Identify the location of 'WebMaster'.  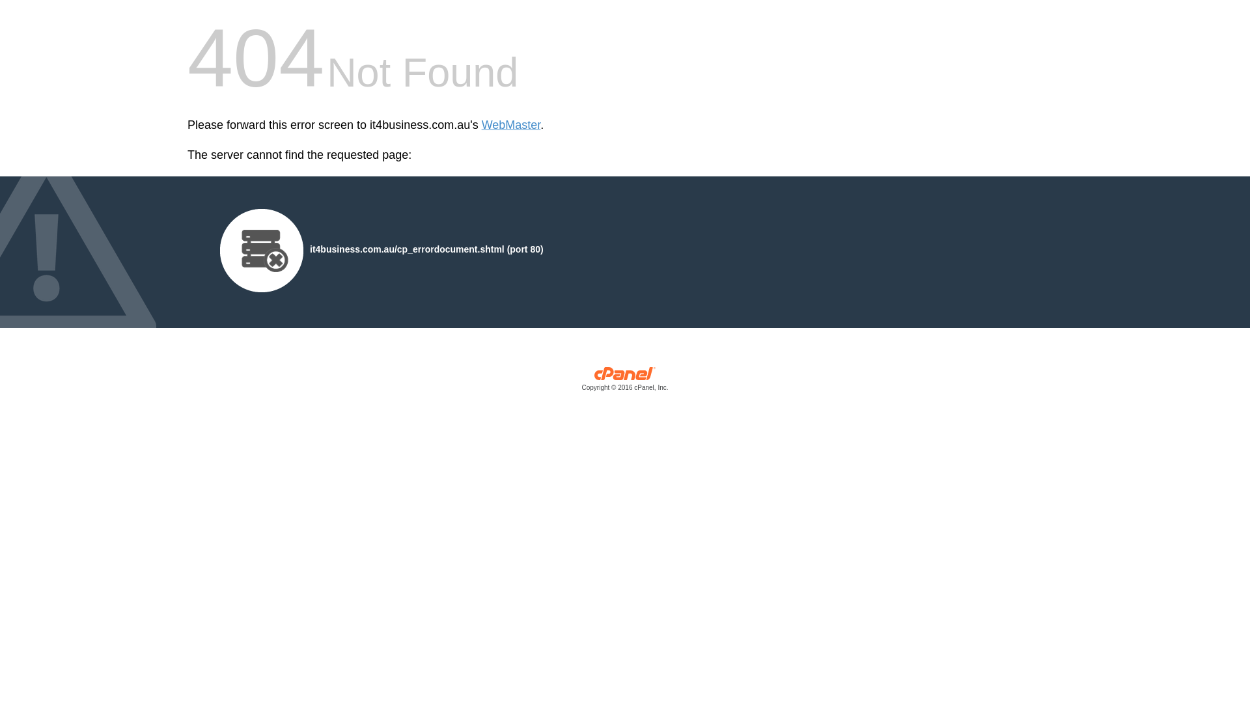
(510, 125).